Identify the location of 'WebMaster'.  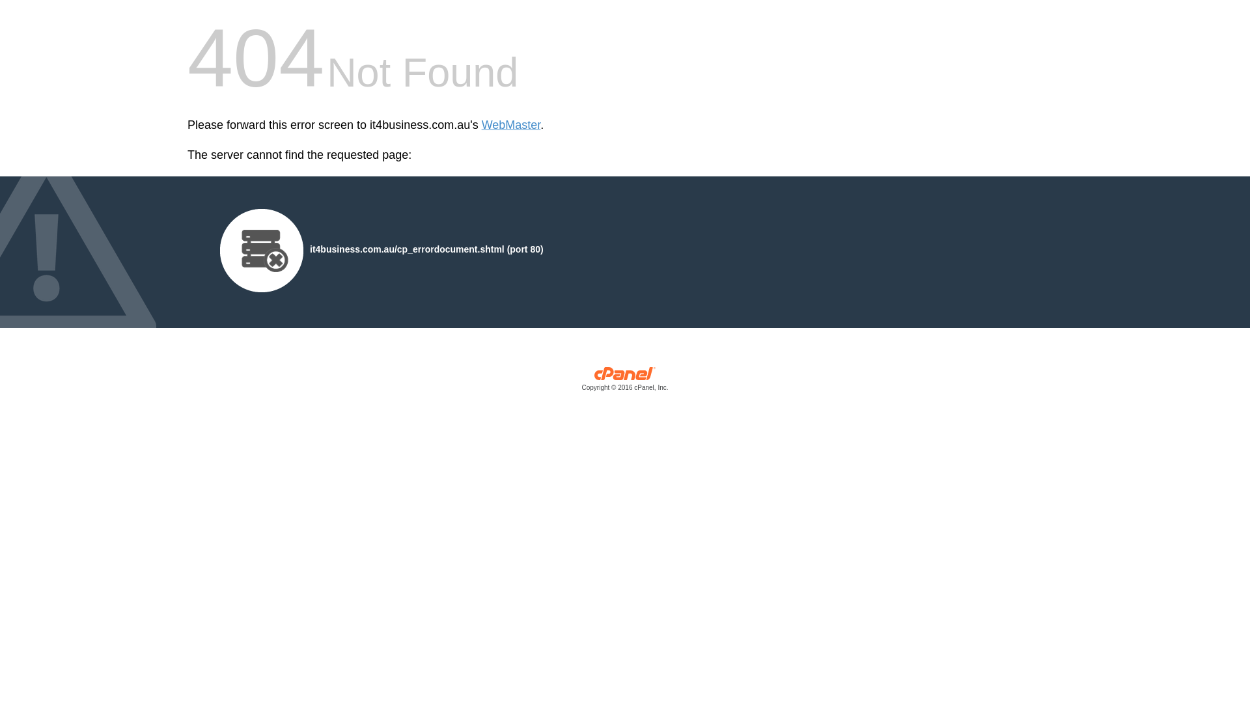
(510, 125).